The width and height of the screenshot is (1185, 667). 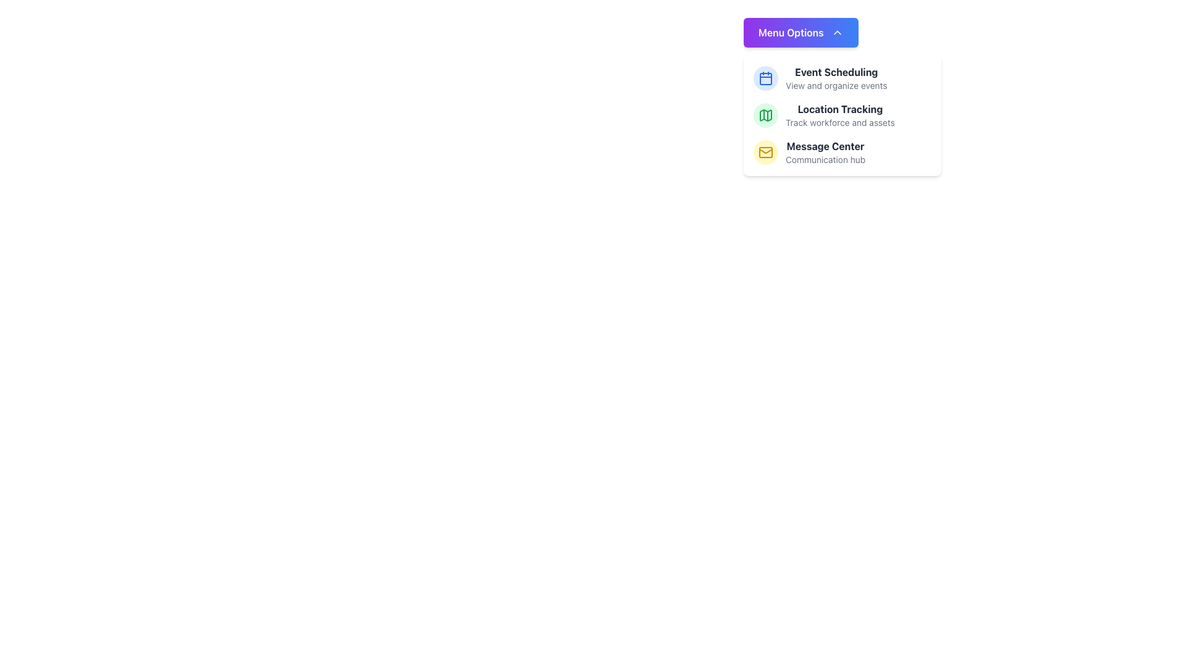 What do you see at coordinates (825, 151) in the screenshot?
I see `the 'Message Center' label, which is the third option in the vertical list of menu options` at bounding box center [825, 151].